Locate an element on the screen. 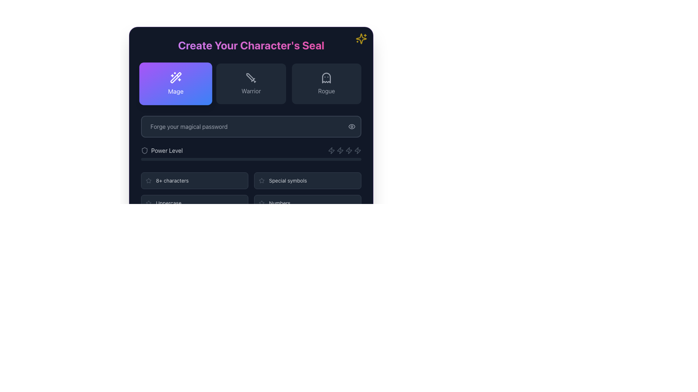  the 'Warrior' class selection button located in the middle column of the 'Create Your Character's Seal' section is located at coordinates (251, 83).